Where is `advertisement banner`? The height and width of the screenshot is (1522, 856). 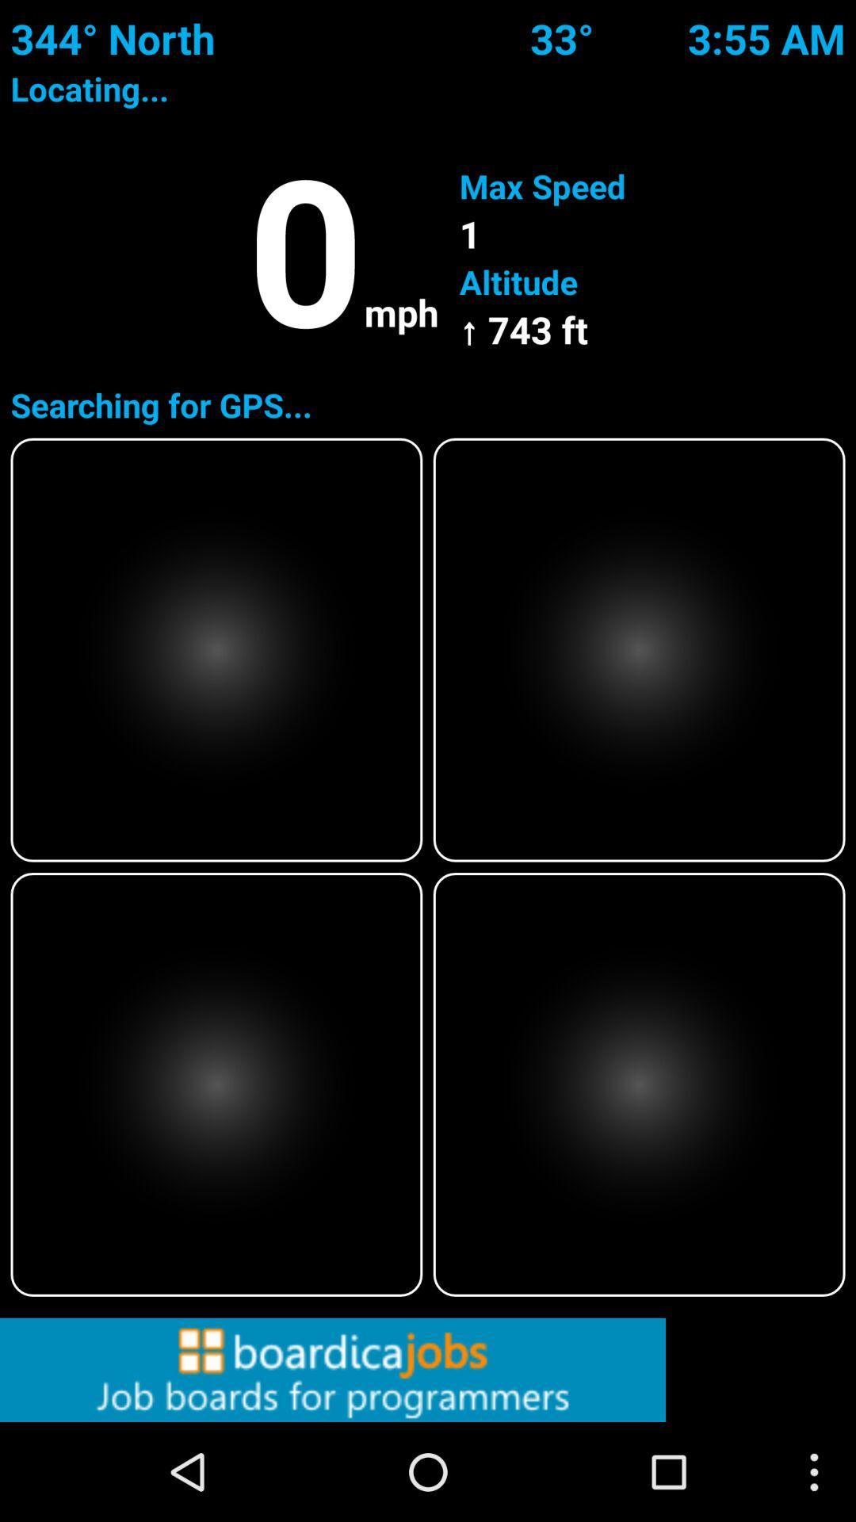
advertisement banner is located at coordinates (428, 1369).